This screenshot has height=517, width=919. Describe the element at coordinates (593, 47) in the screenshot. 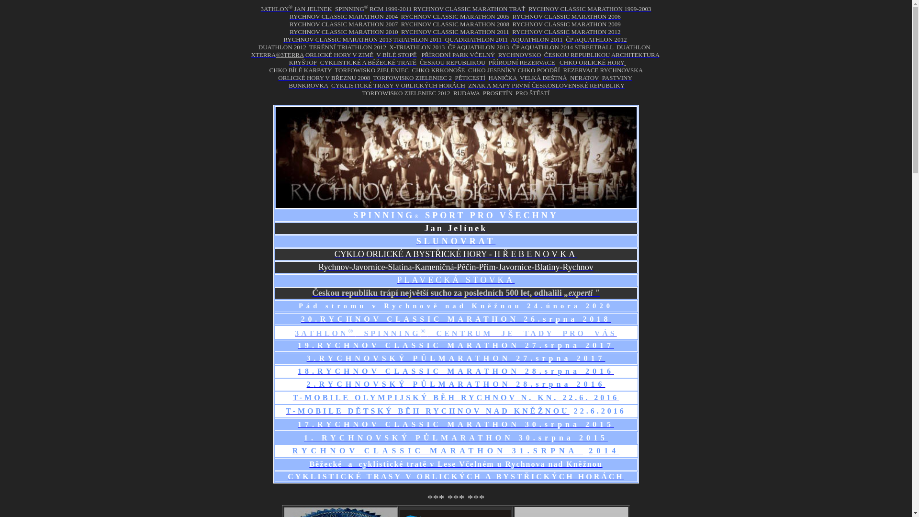

I see `'STREETBALL'` at that location.